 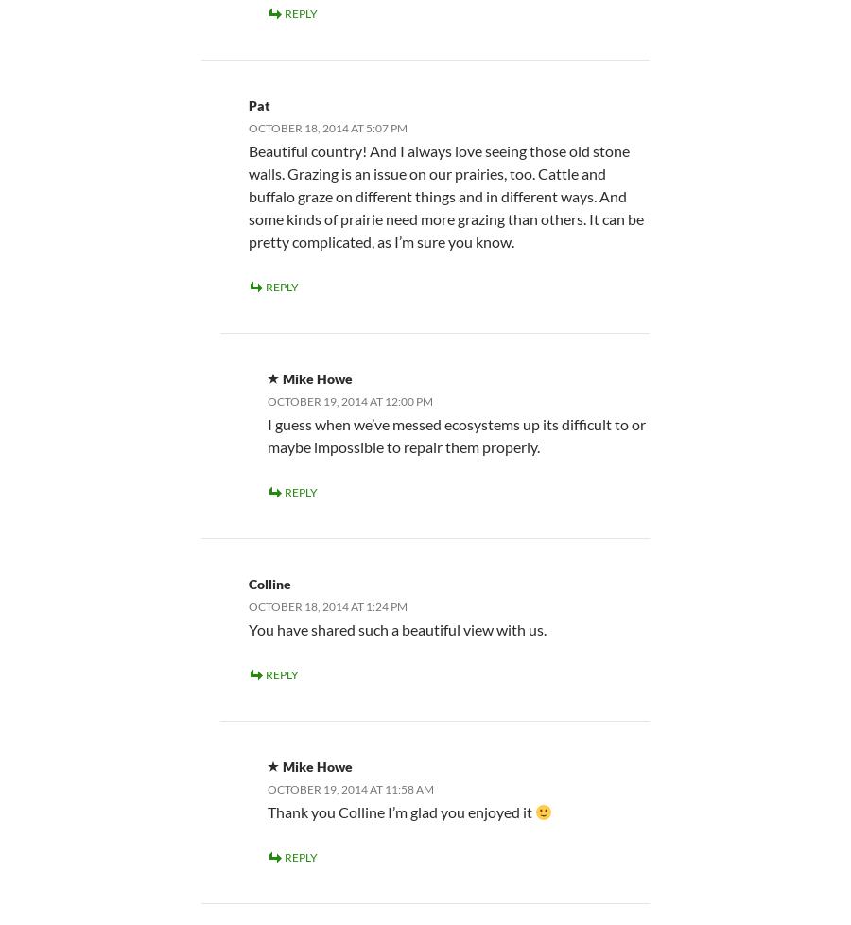 I want to click on 'Beautiful country!  And I always love seeing those old stone walls.  Grazing is an issue on our prairies, too.  Cattle and buffalo graze on different things and in different ways.  And some kinds of prairie need more grazing than others.  It can be pretty complicated, as I’m sure you know.', so click(x=444, y=195).